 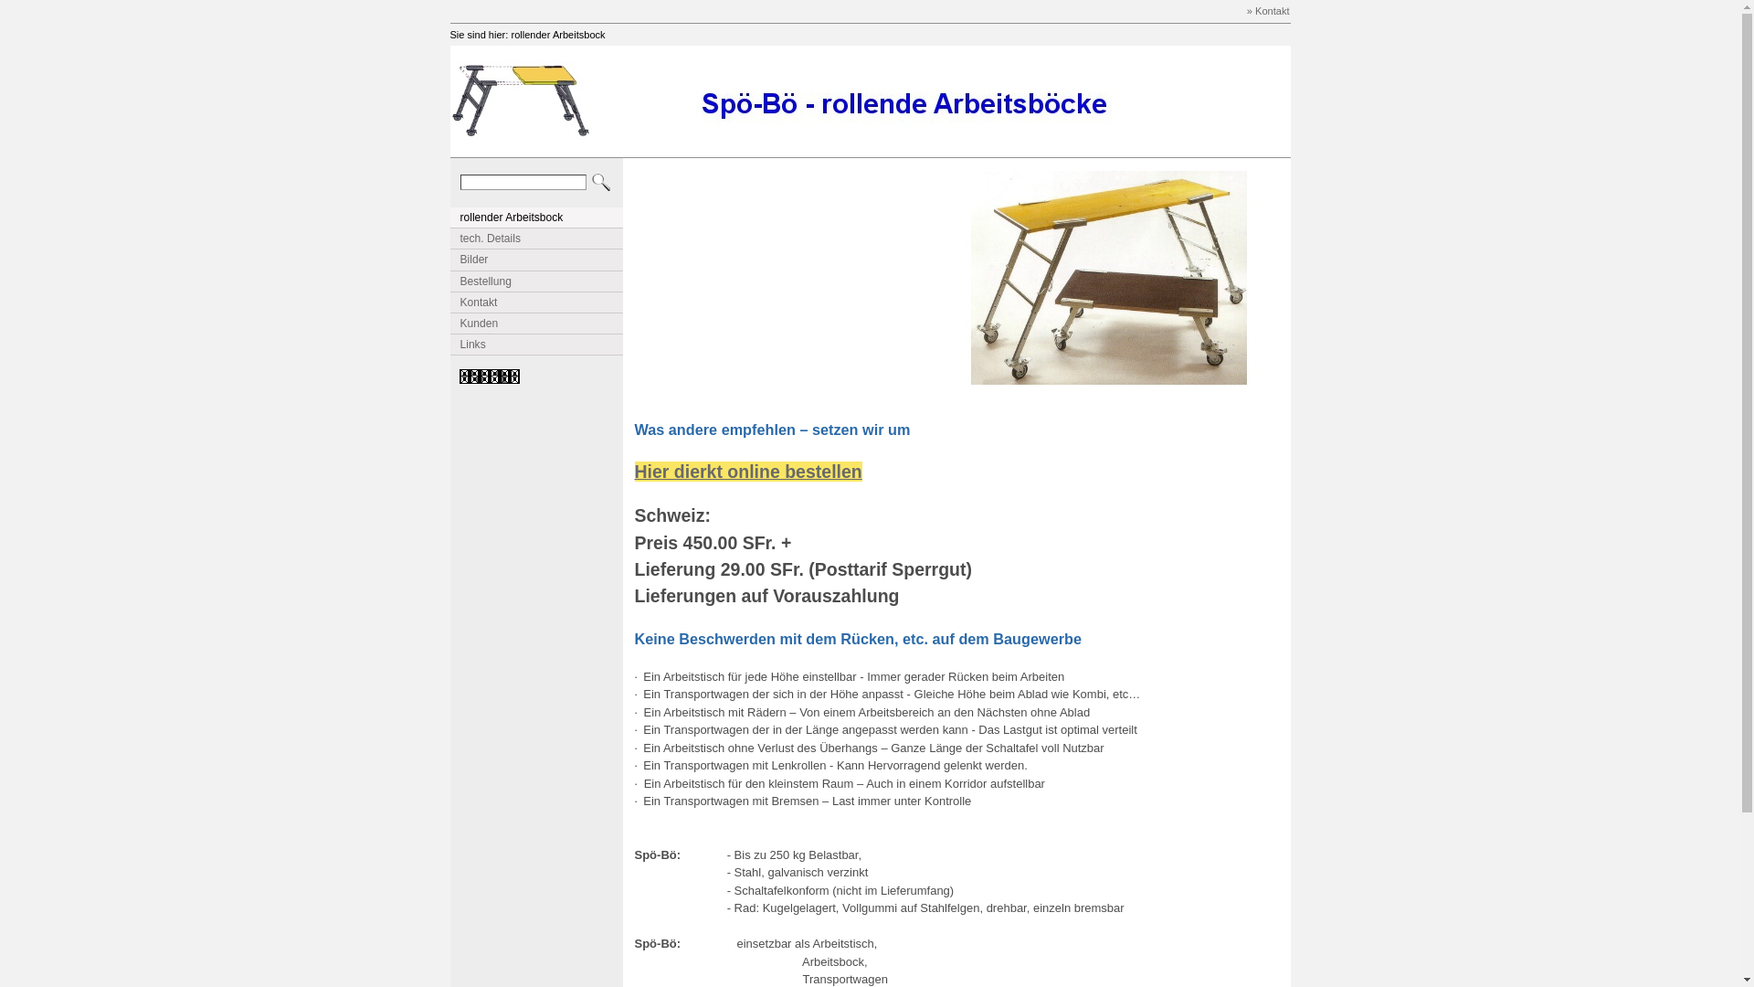 I want to click on 'rollender Arbeitsbock', so click(x=535, y=217).